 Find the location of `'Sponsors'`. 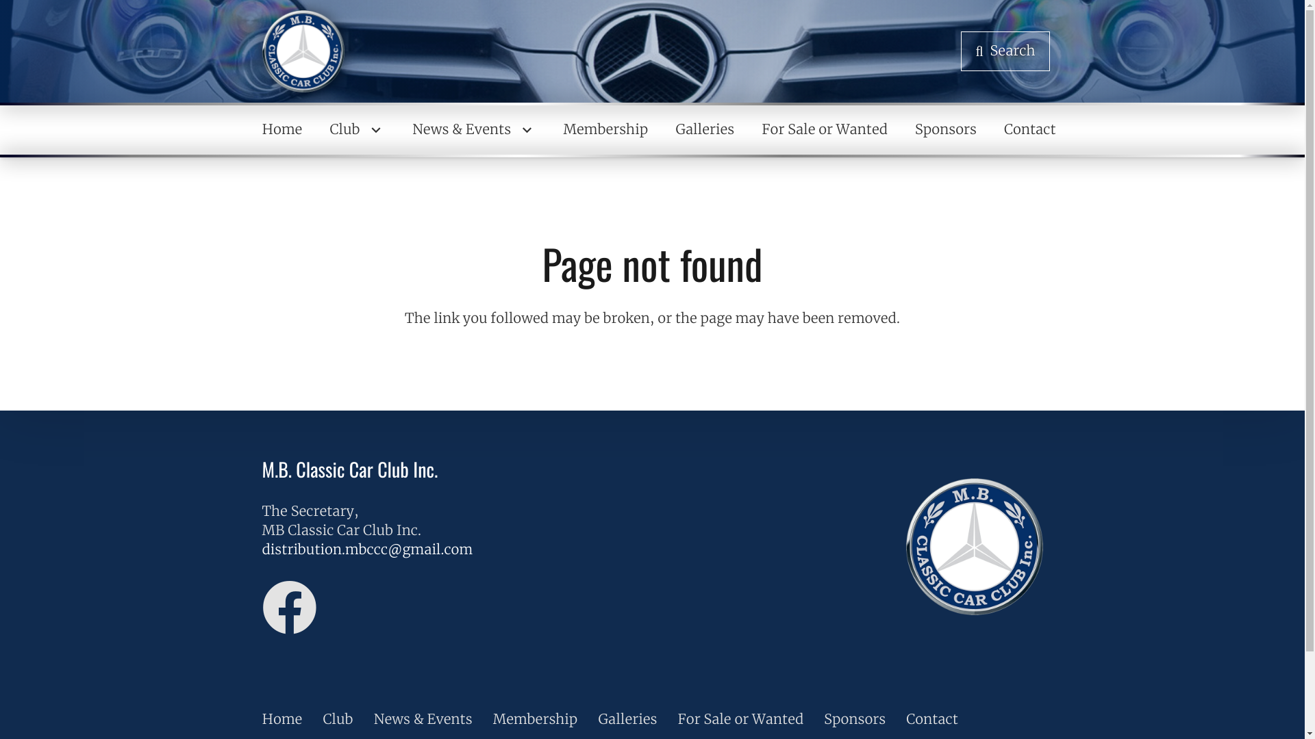

'Sponsors' is located at coordinates (854, 718).